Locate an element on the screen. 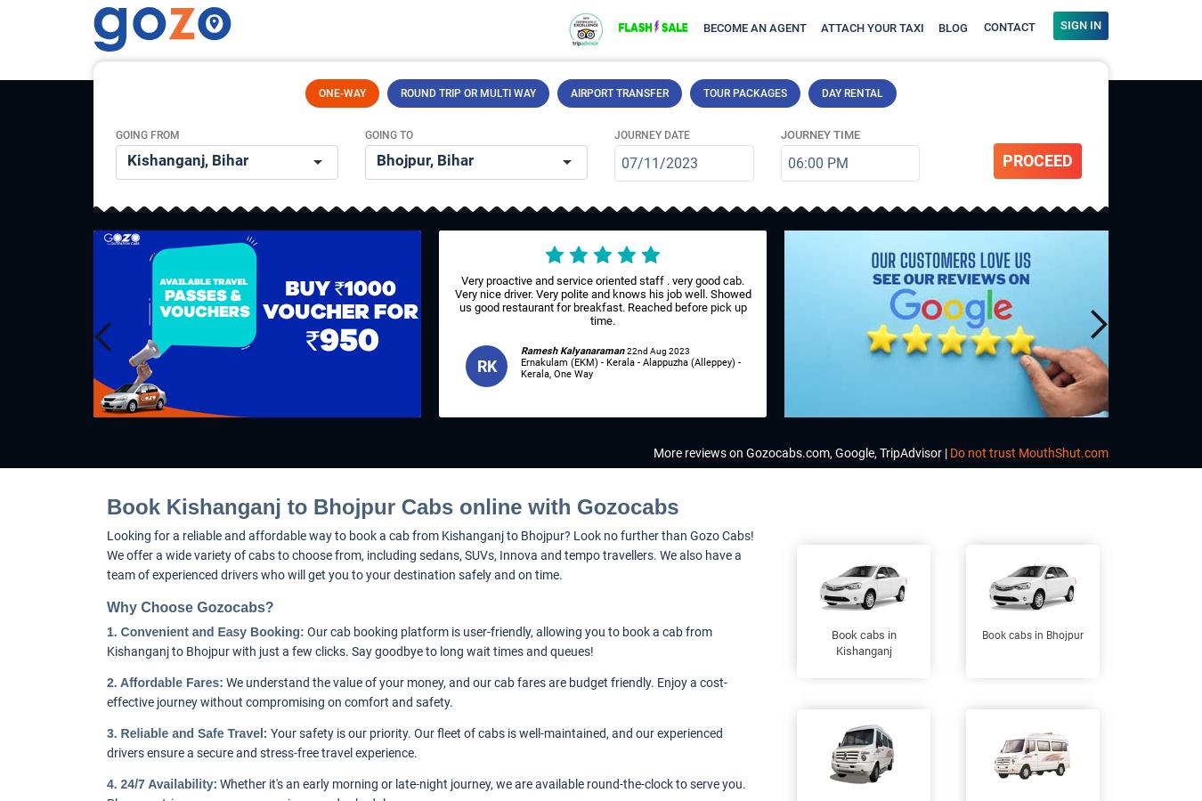 Image resolution: width=1202 pixels, height=801 pixels. 'Your safety is our priority. Our fleet of cabs is well-maintained, and our experienced drivers ensure a secure and stress-free travel experience.' is located at coordinates (413, 743).